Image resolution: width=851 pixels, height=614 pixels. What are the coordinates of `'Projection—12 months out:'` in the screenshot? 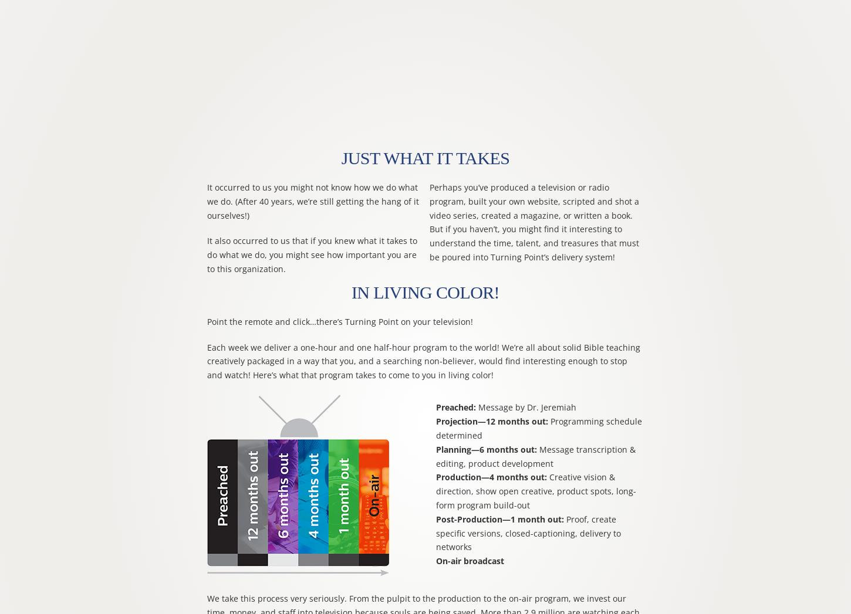 It's located at (491, 421).